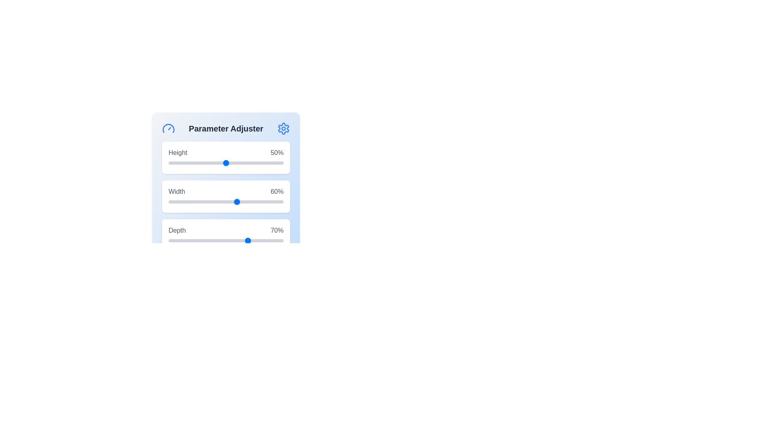 The image size is (778, 437). I want to click on the gauge icon in the header of the Parameter Adjuster component, so click(168, 128).